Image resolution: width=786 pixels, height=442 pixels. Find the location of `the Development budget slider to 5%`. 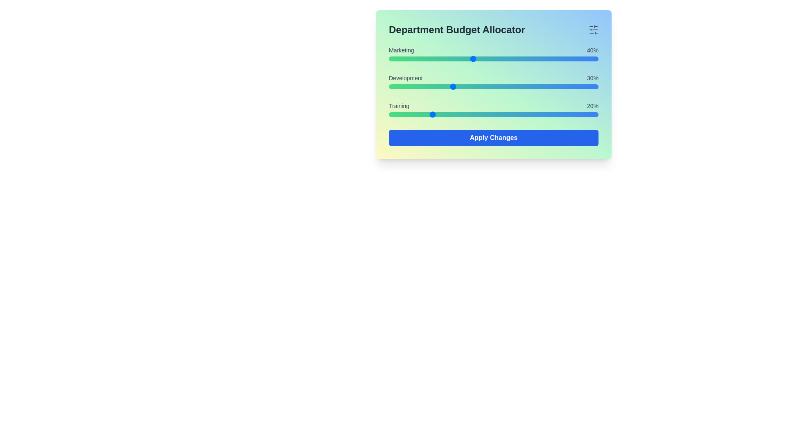

the Development budget slider to 5% is located at coordinates (399, 87).